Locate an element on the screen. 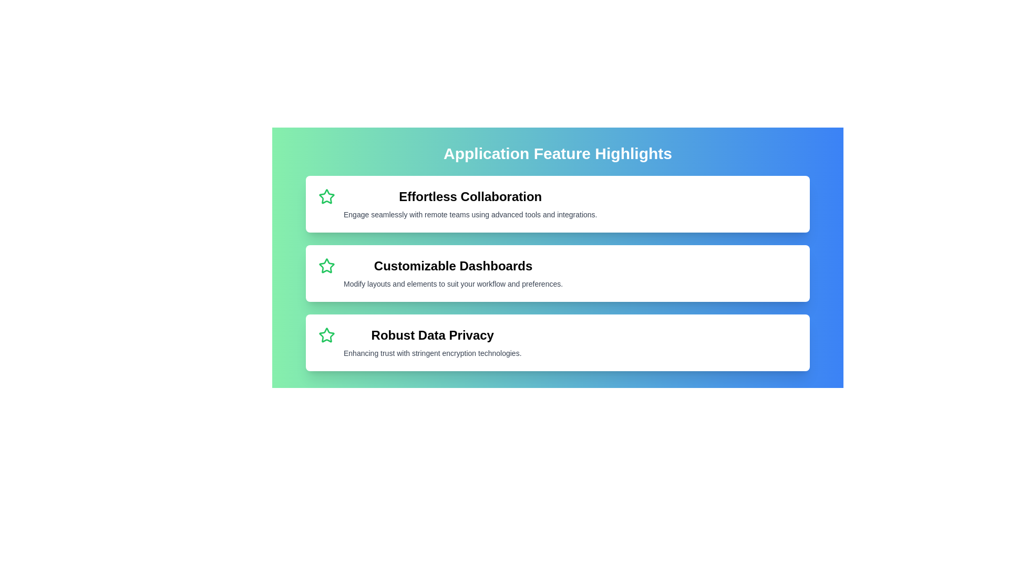 The height and width of the screenshot is (567, 1009). the star icon with green outlines located at the top-left corner of the card titled 'Robust Data Privacy' to interact with the card is located at coordinates (326, 335).